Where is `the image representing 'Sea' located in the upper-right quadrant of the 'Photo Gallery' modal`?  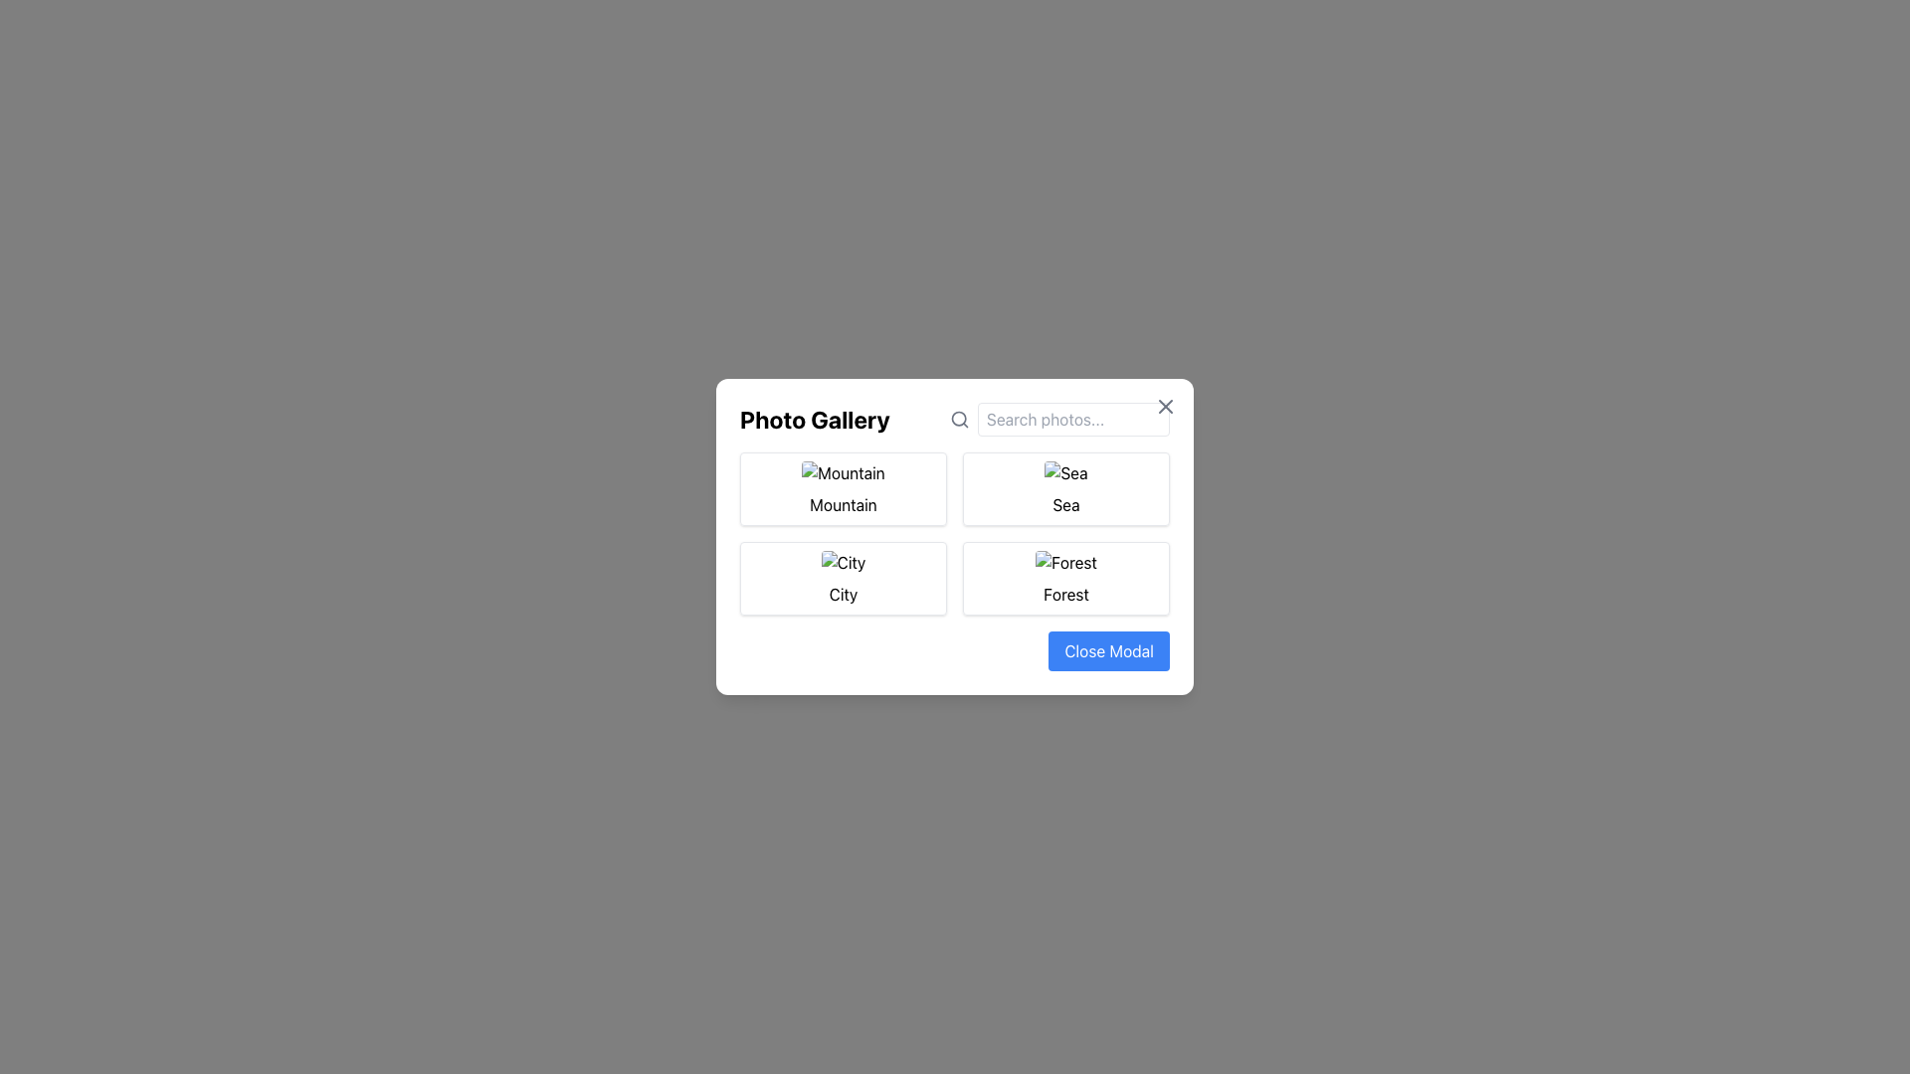 the image representing 'Sea' located in the upper-right quadrant of the 'Photo Gallery' modal is located at coordinates (1064, 472).